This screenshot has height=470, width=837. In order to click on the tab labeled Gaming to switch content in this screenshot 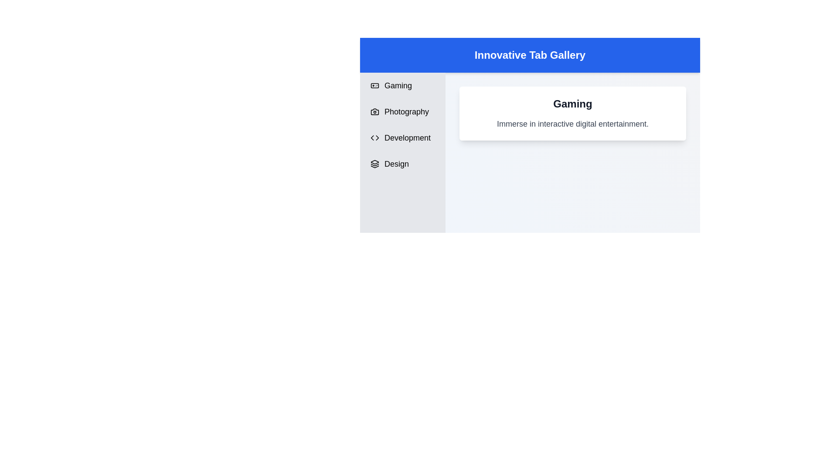, I will do `click(402, 85)`.